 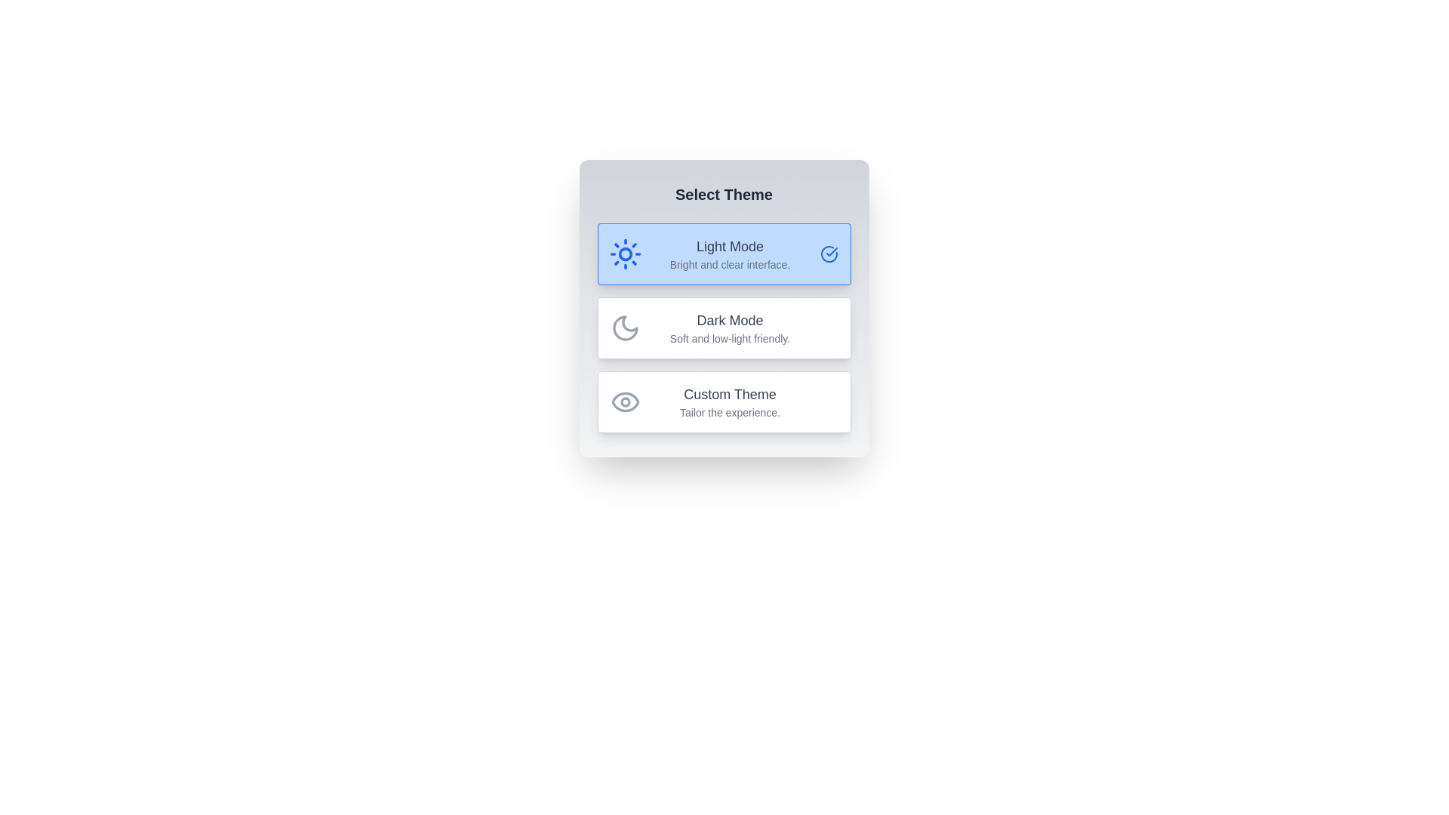 I want to click on text content of the Descriptive Label located directly below the 'Custom Theme' heading, so click(x=730, y=413).